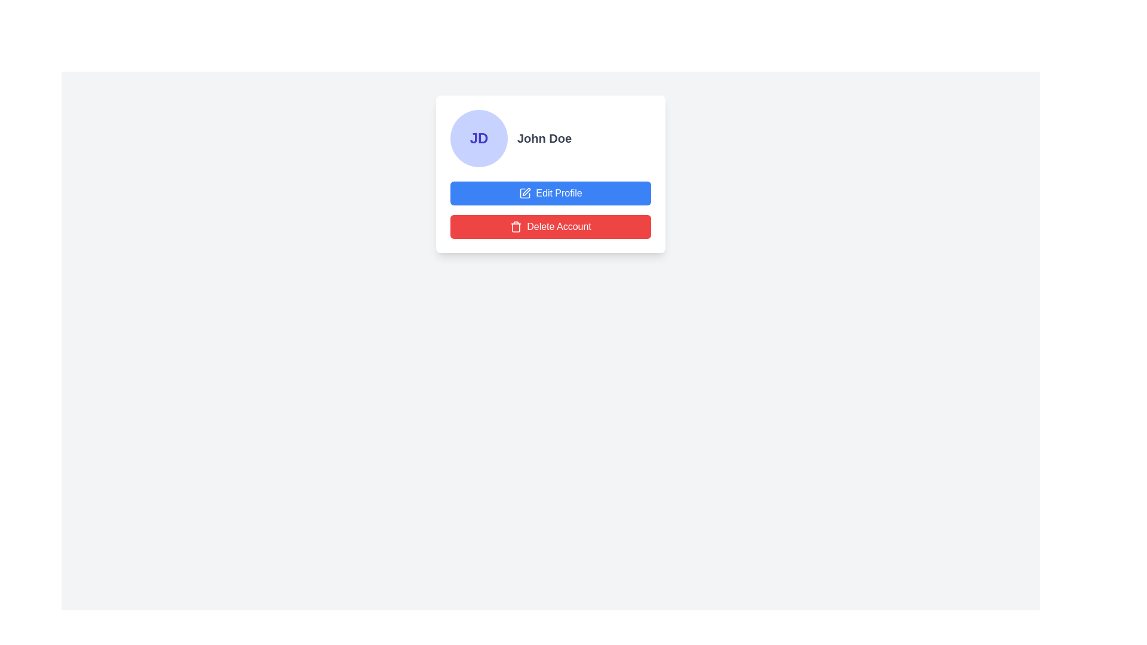 The image size is (1147, 645). I want to click on the editing icon located within the blue 'Edit Profile' button, so click(525, 193).